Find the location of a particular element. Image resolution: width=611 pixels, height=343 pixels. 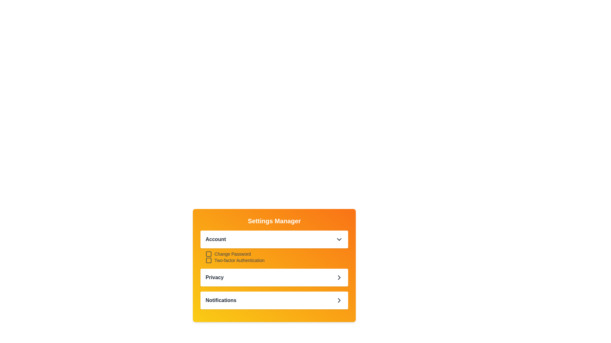

the 'Privacy' label located in the second row of options within the 'Settings Manager' section, positioned between 'Account' and 'Notifications' is located at coordinates (214, 277).